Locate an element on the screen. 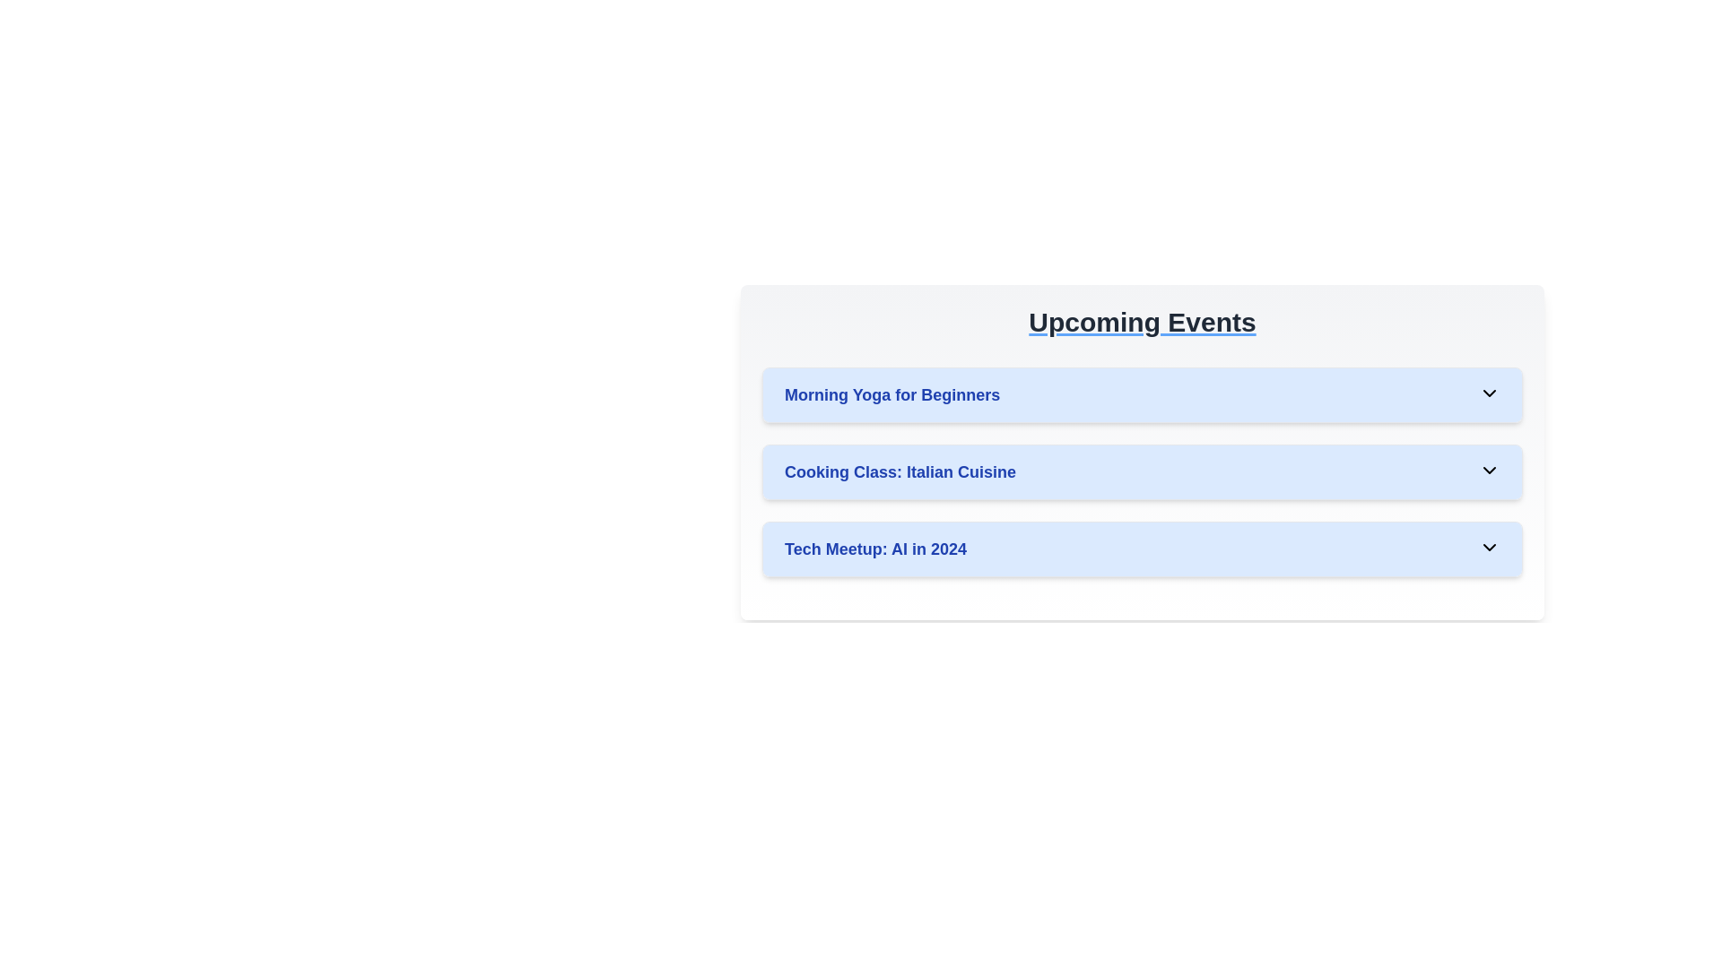  the second interactive list item labeled 'Cooking Class: Italian Cuisine' is located at coordinates (1141, 452).